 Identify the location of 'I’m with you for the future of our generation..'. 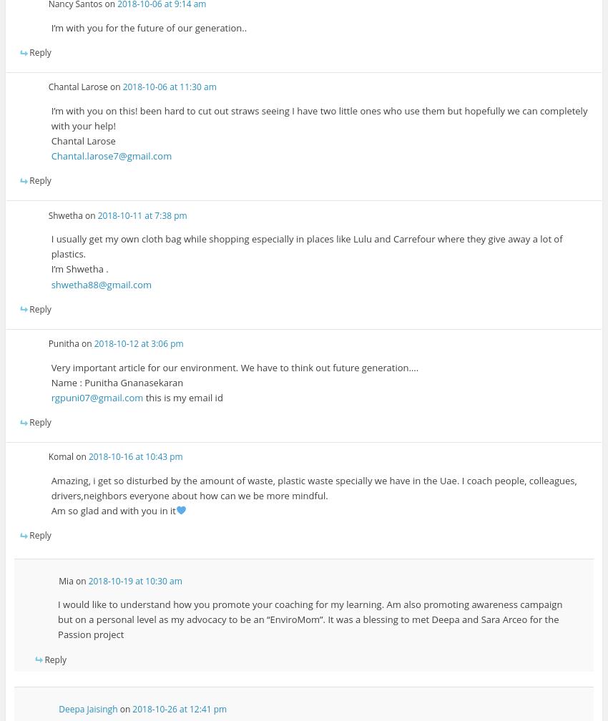
(50, 27).